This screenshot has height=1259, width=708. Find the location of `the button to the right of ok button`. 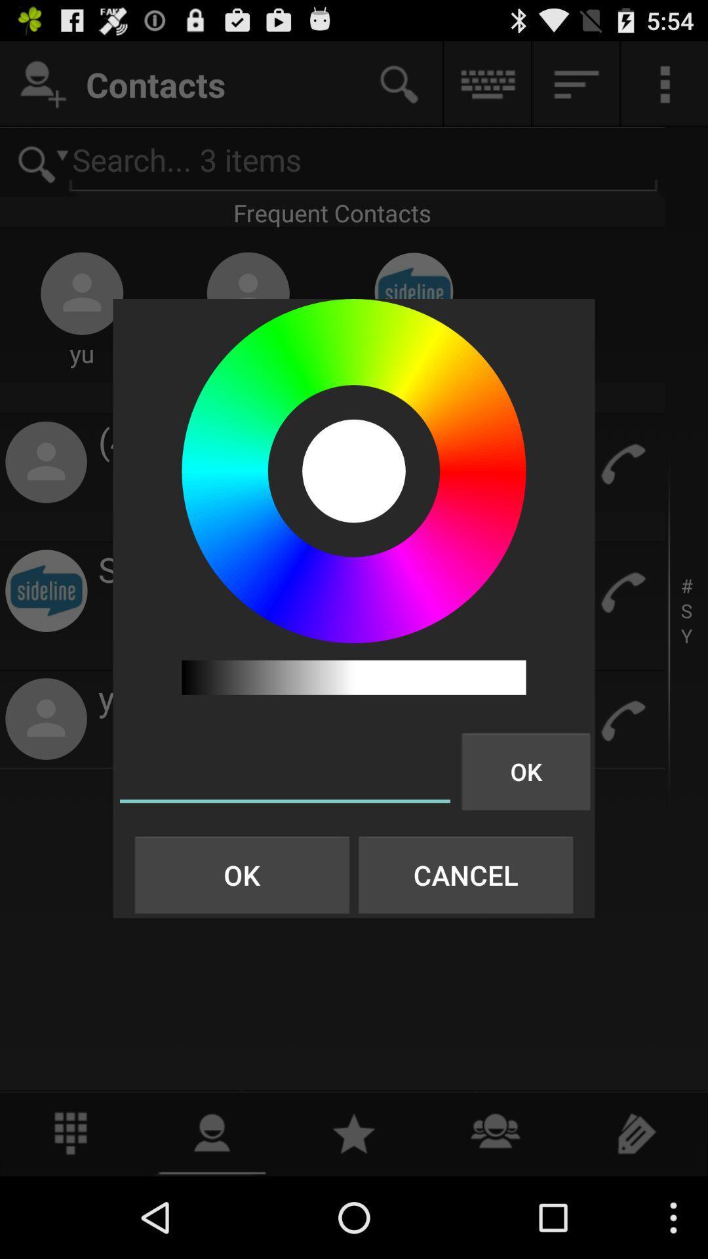

the button to the right of ok button is located at coordinates (465, 875).